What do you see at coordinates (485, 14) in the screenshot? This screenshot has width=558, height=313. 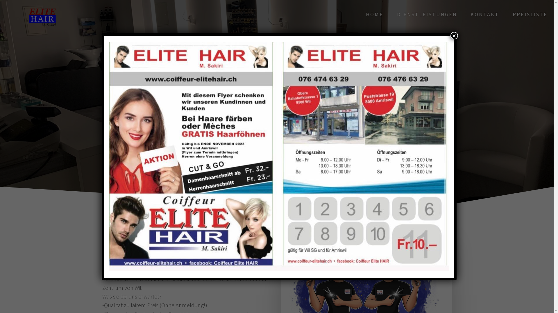 I see `'KONTAKT'` at bounding box center [485, 14].